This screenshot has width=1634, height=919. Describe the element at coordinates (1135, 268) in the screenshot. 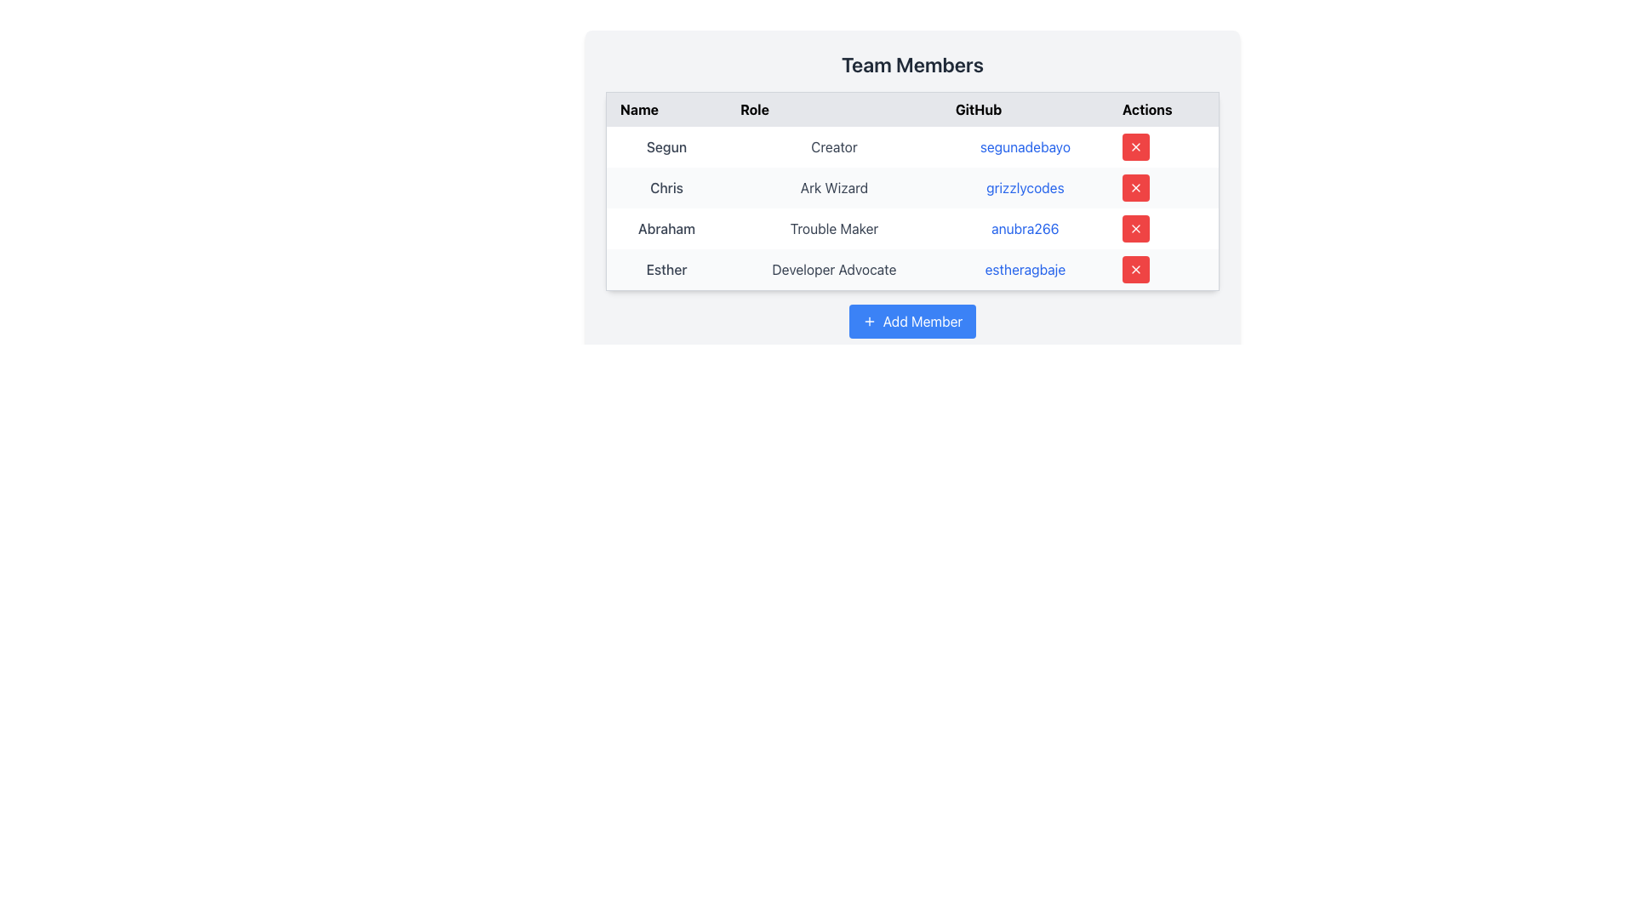

I see `the red button in the 'Actions' column of the last row in the 'Team Members' table` at that location.